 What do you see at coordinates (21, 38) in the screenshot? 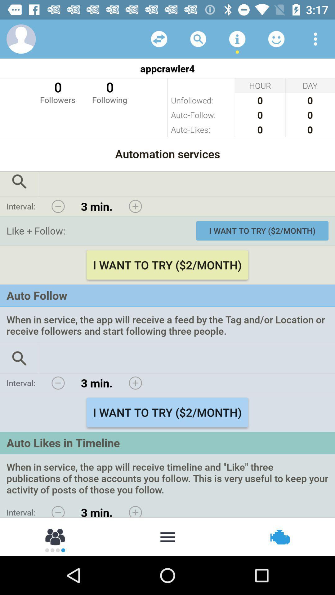
I see `open profile` at bounding box center [21, 38].